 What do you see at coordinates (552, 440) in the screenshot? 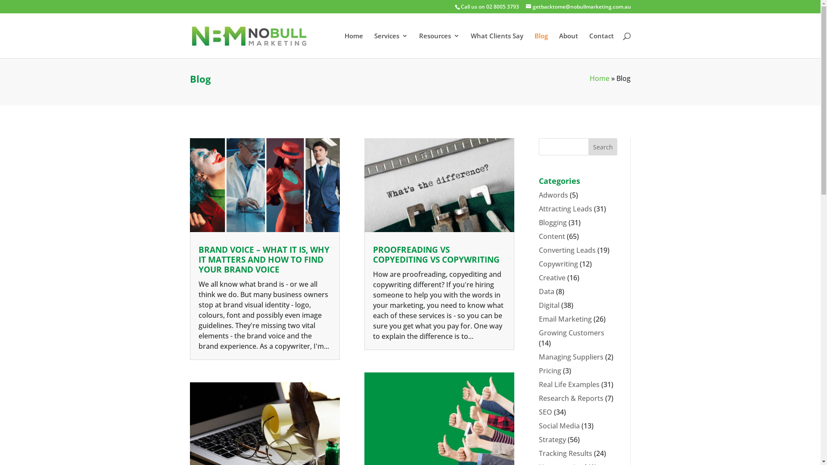
I see `'Strategy'` at bounding box center [552, 440].